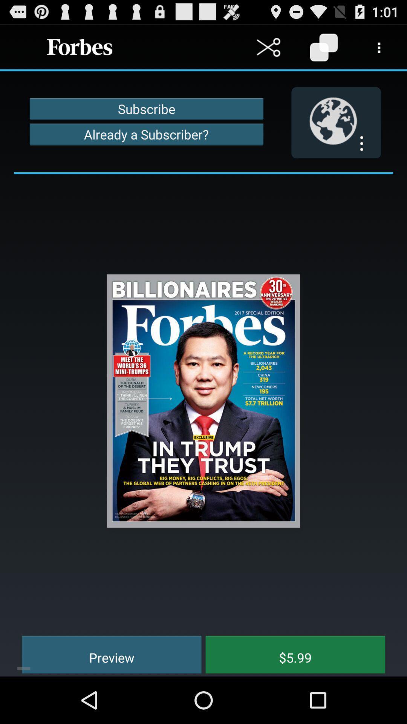  What do you see at coordinates (289, 653) in the screenshot?
I see `the item at the bottom right corner` at bounding box center [289, 653].